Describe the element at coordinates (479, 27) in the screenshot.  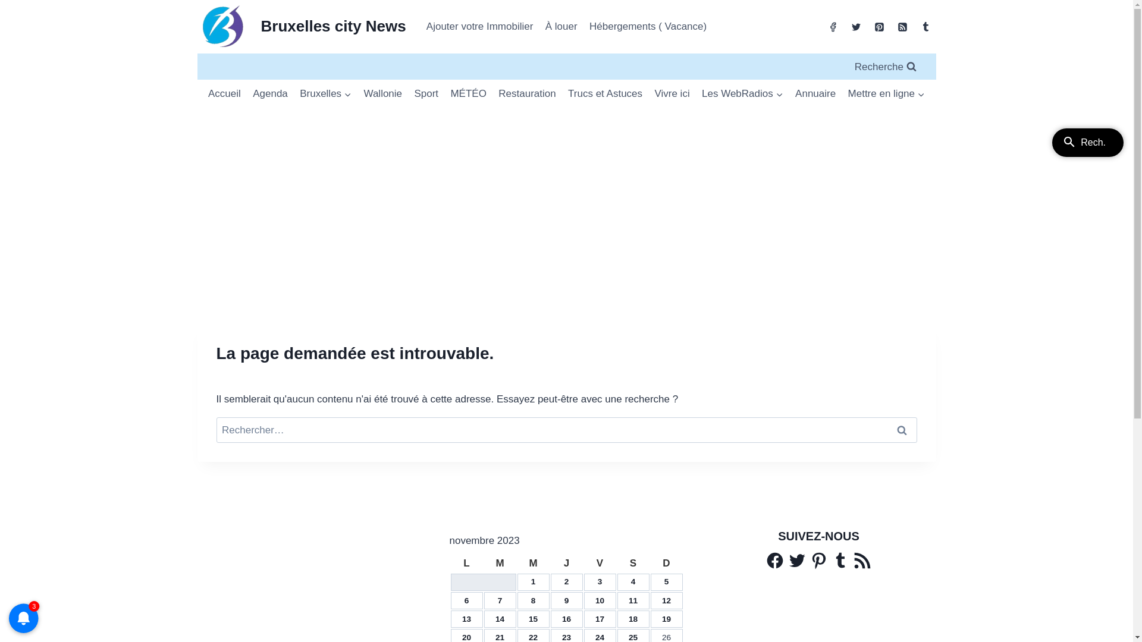
I see `'Ajouter votre Immobilier'` at that location.